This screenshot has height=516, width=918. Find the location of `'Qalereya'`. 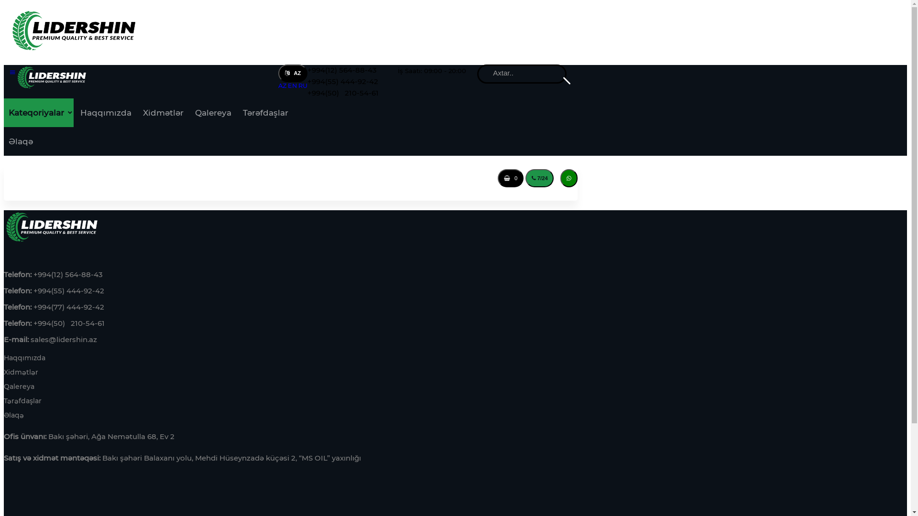

'Qalereya' is located at coordinates (213, 112).